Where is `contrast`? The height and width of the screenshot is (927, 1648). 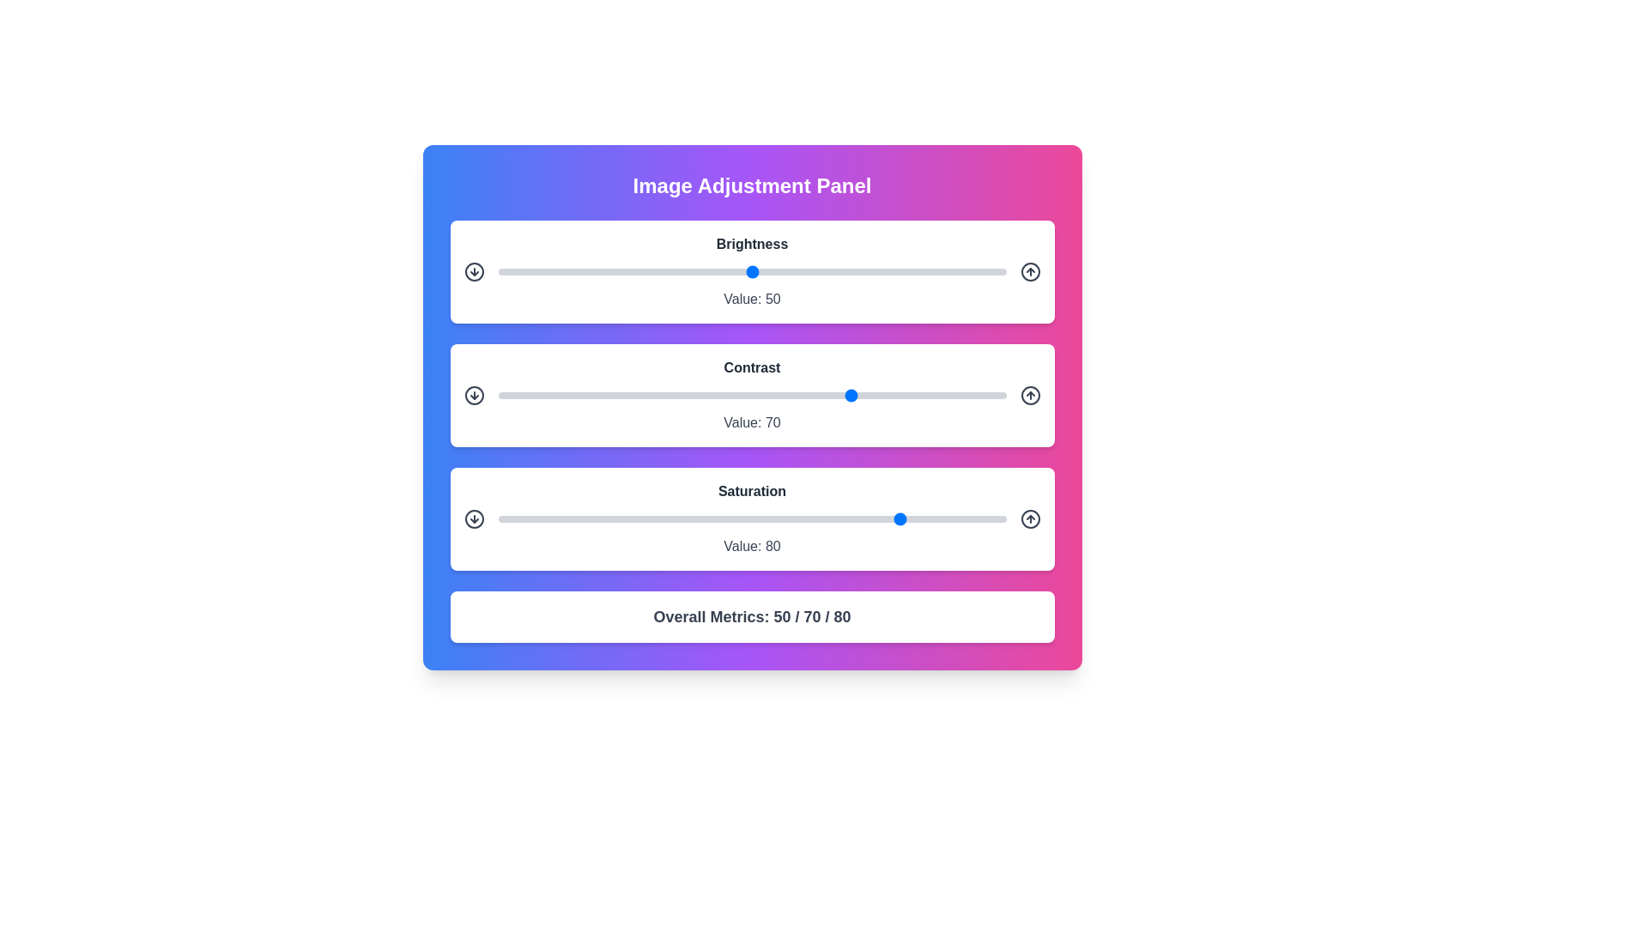
contrast is located at coordinates (691, 396).